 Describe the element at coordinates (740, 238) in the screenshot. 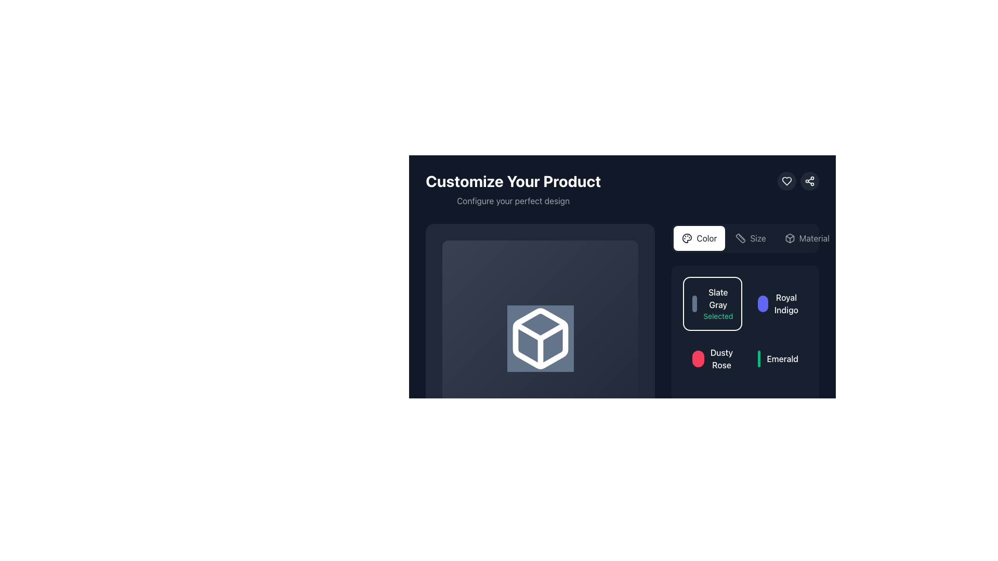

I see `the ruler or measurement tool icon located in the top-right corner of the interface` at that location.